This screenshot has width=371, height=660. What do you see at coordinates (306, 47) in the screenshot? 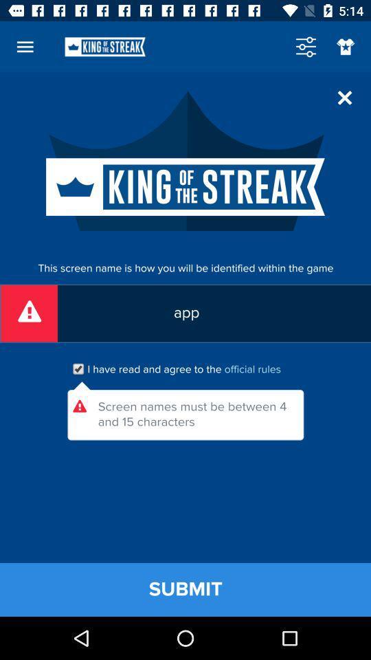
I see `the sliders icon` at bounding box center [306, 47].